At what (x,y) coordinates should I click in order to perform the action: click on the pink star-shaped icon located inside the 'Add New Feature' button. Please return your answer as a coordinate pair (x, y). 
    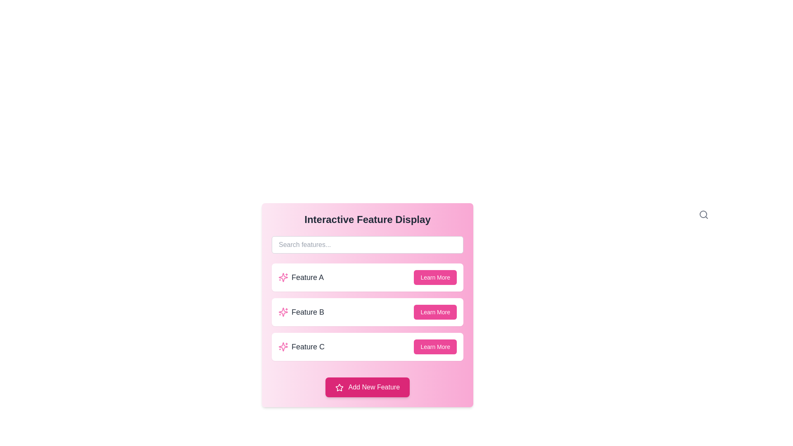
    Looking at the image, I should click on (339, 387).